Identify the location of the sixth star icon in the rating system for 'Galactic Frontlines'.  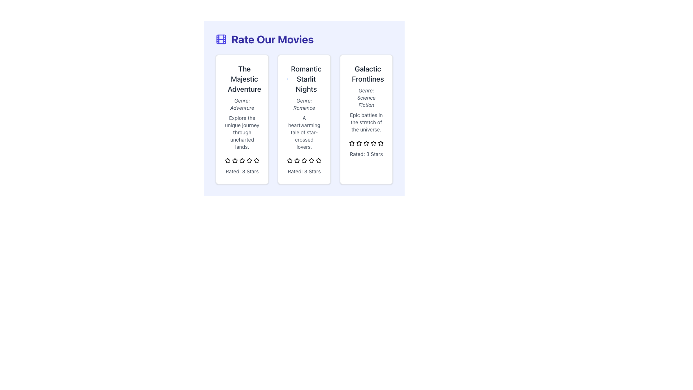
(374, 143).